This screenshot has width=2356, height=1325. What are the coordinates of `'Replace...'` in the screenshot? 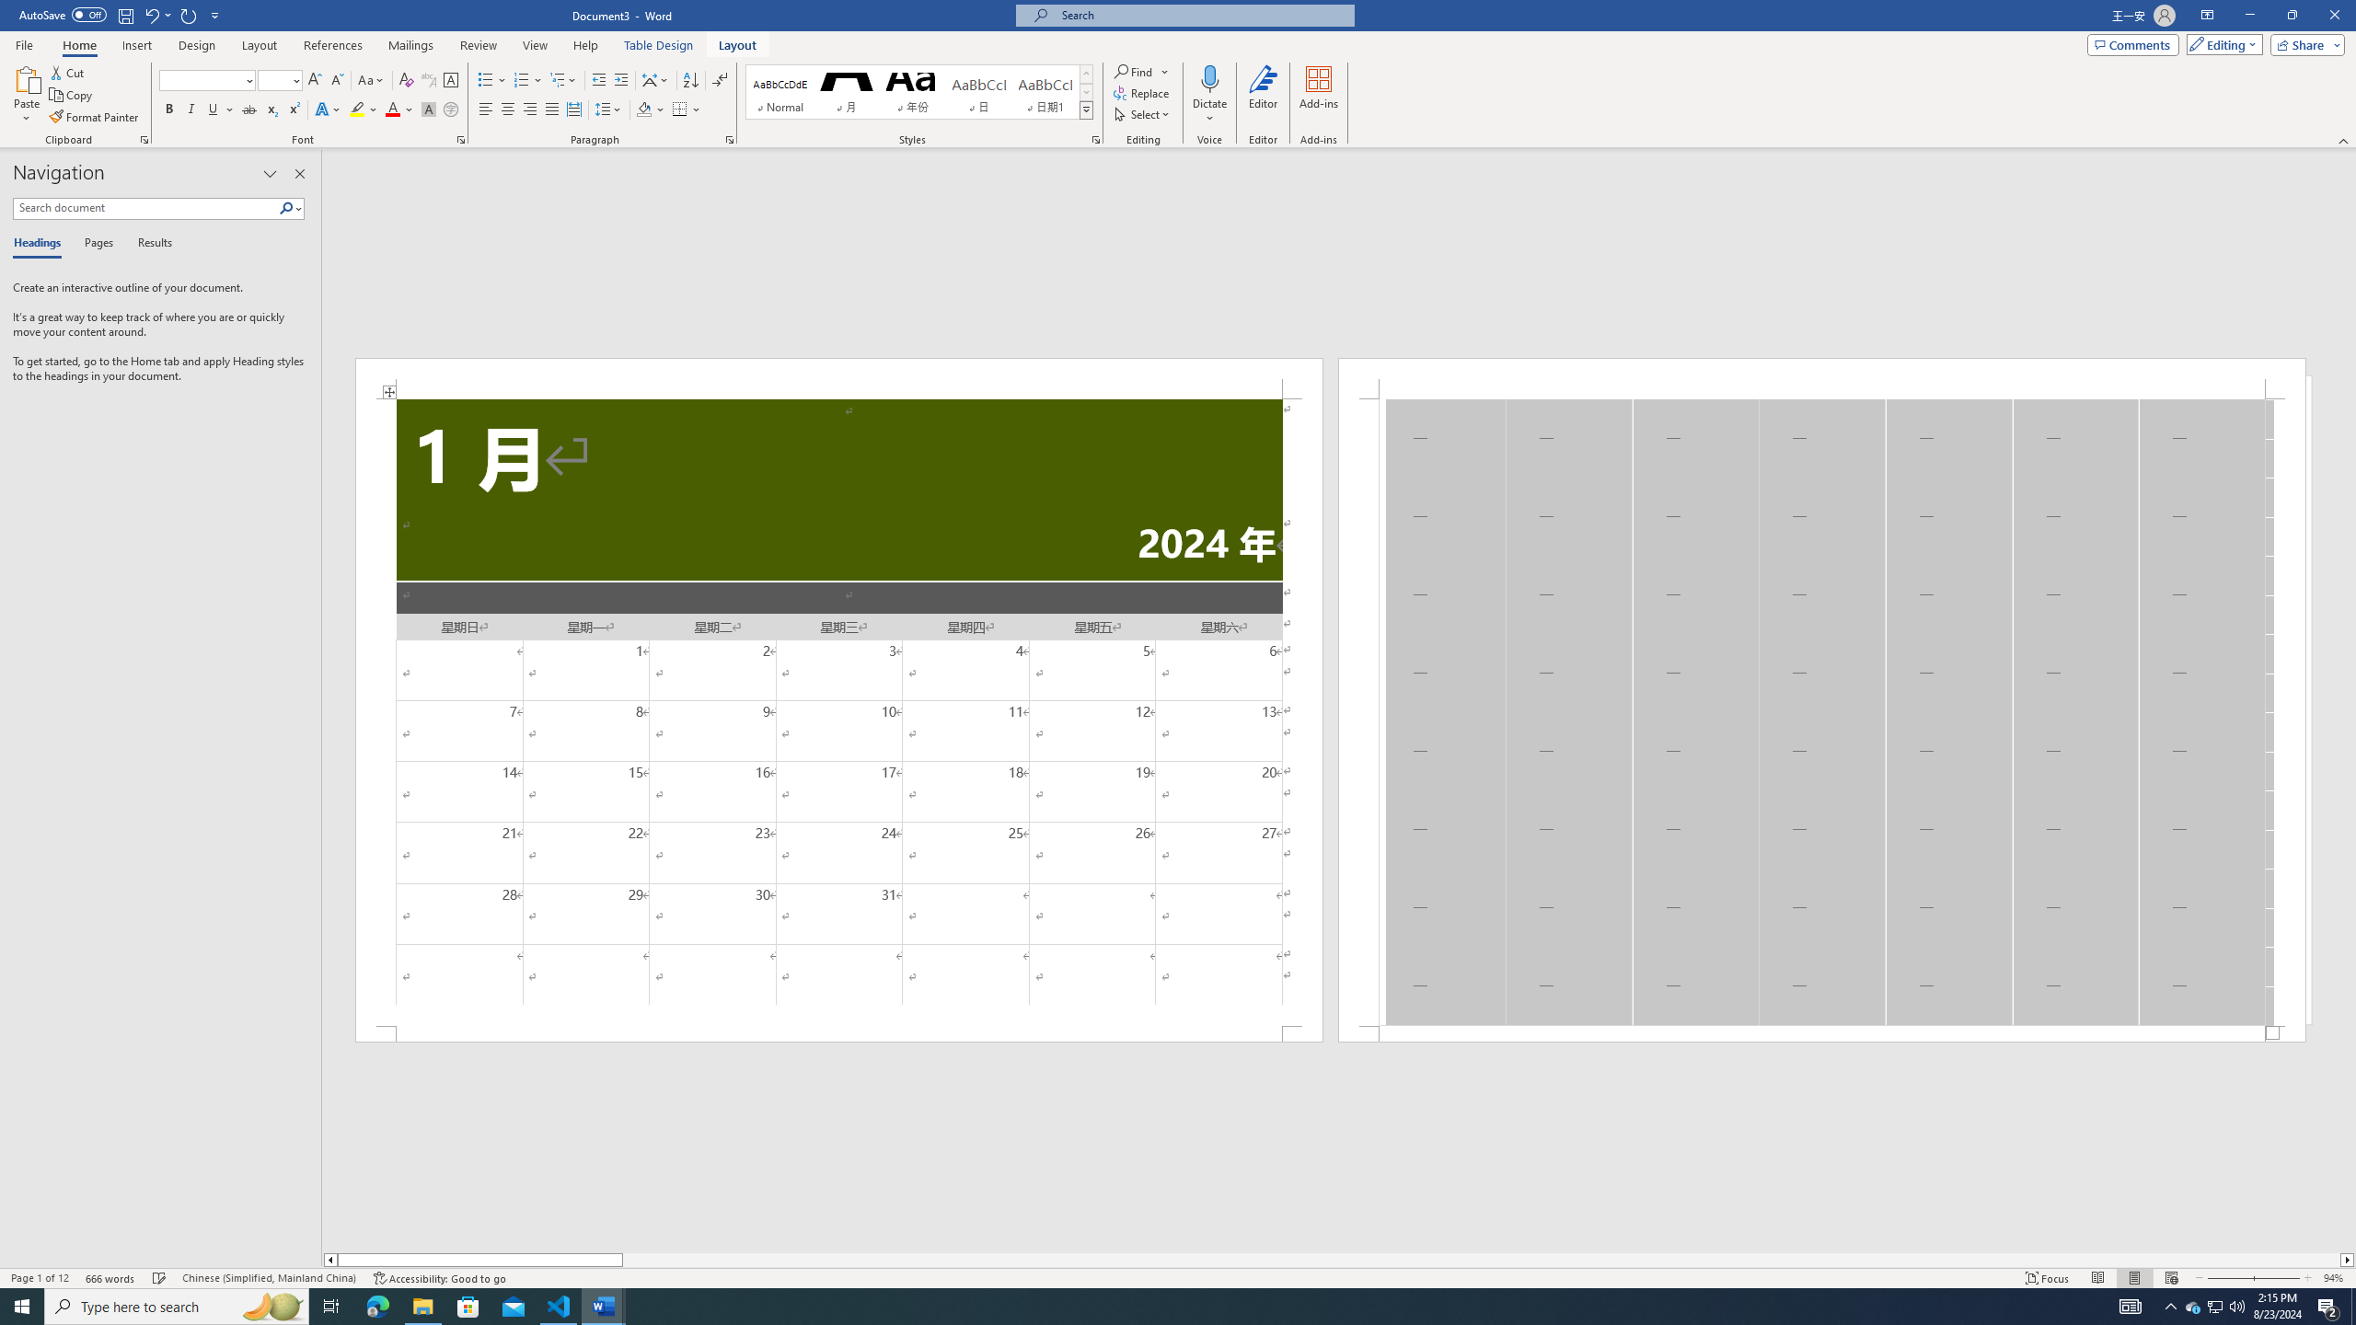 It's located at (1141, 91).